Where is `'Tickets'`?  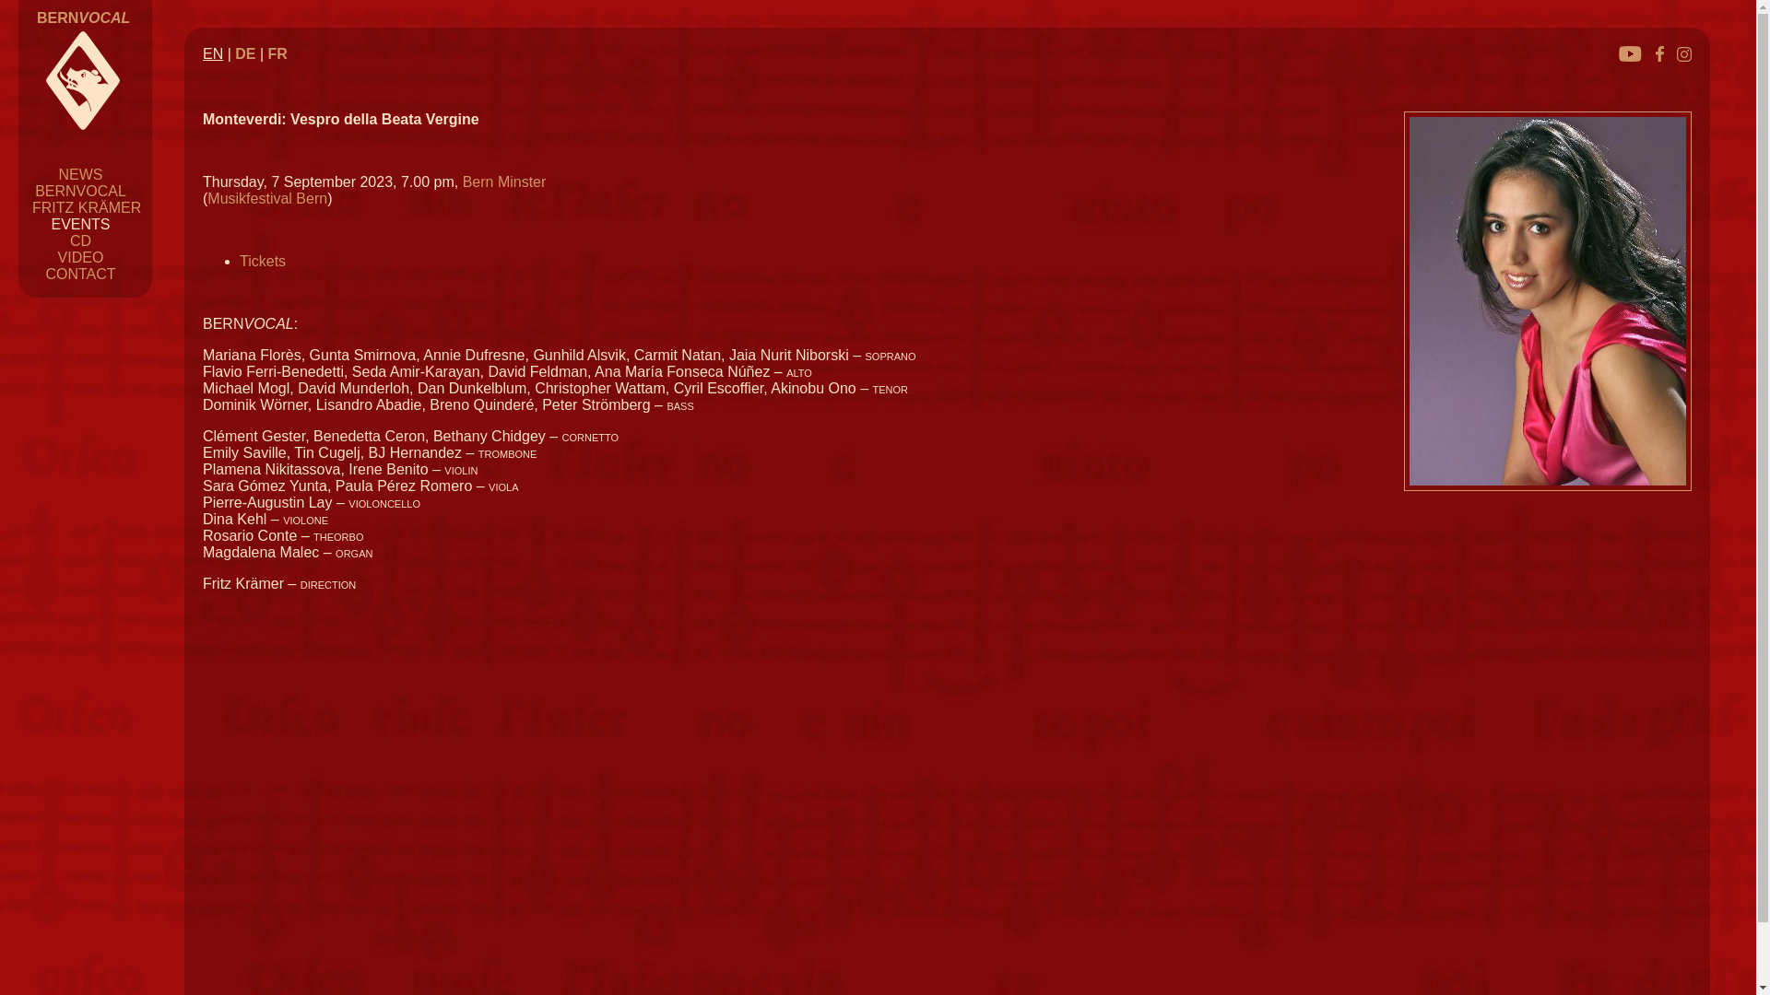 'Tickets' is located at coordinates (261, 261).